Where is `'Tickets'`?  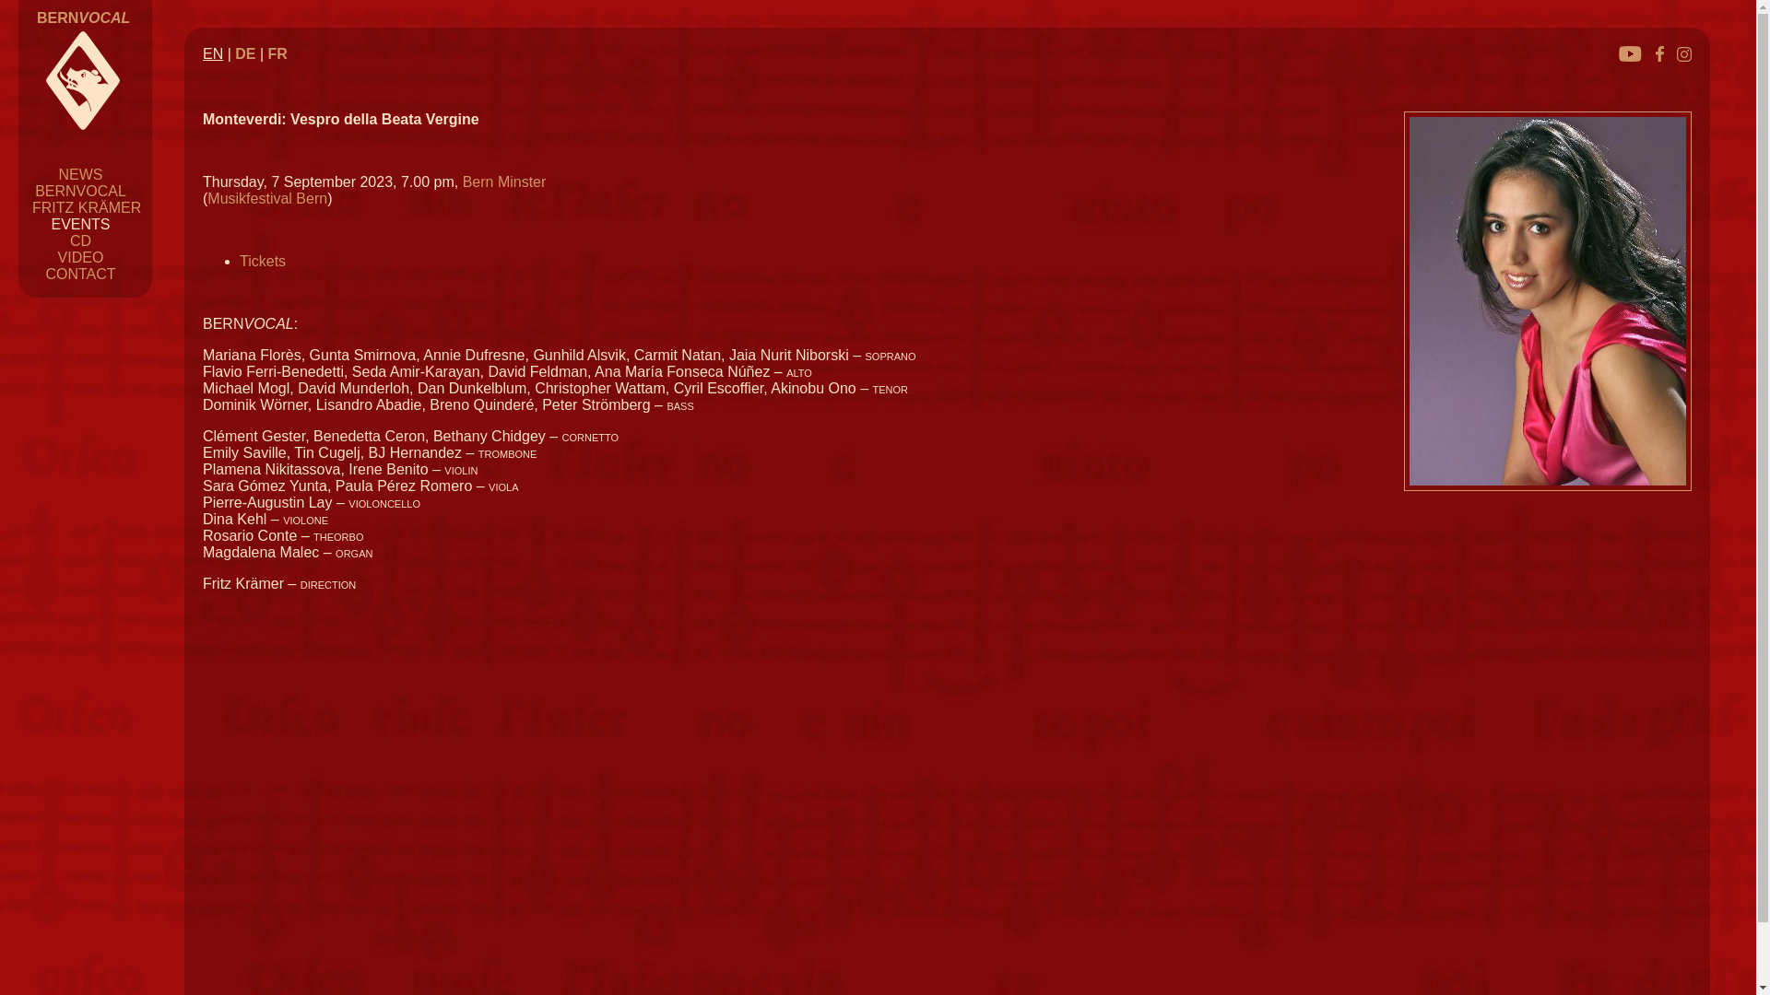 'Tickets' is located at coordinates (261, 261).